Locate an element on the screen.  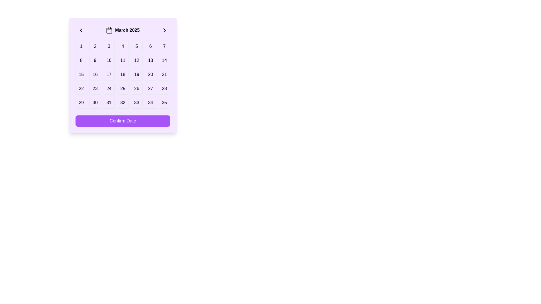
the button representing the day '4' in the calendar is located at coordinates (123, 46).